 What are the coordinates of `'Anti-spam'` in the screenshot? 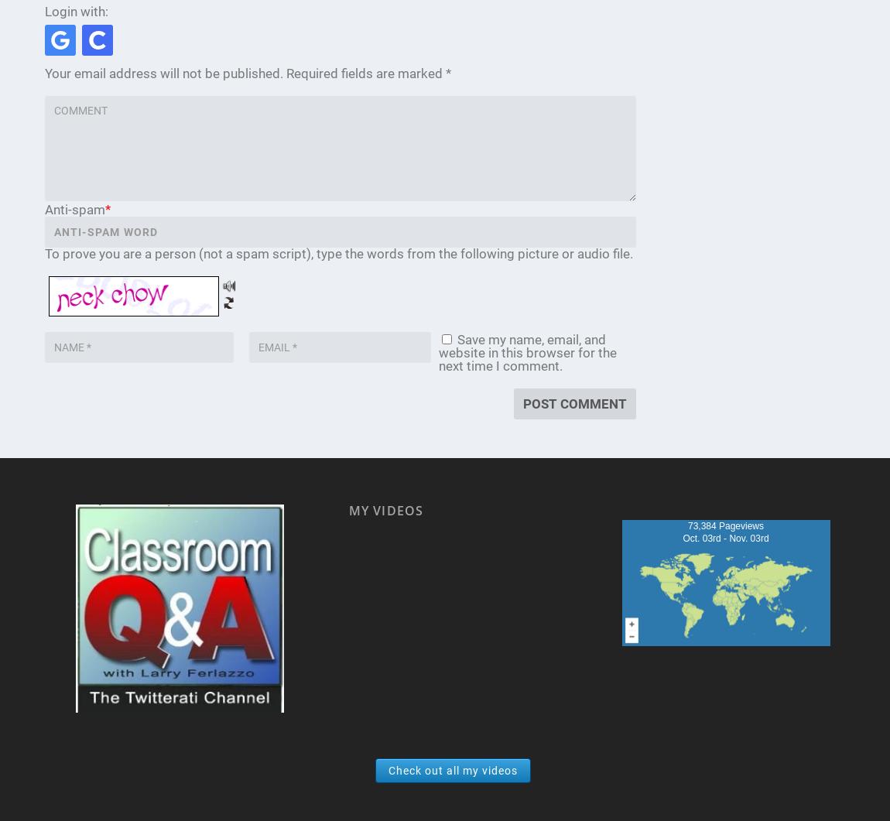 It's located at (43, 208).